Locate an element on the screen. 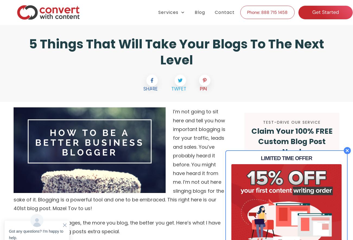 The height and width of the screenshot is (240, 353). 'Now, don’t get discourages, the more you blog, the better you get. Here’s what I have found to make our blog posts extra special.' is located at coordinates (117, 227).